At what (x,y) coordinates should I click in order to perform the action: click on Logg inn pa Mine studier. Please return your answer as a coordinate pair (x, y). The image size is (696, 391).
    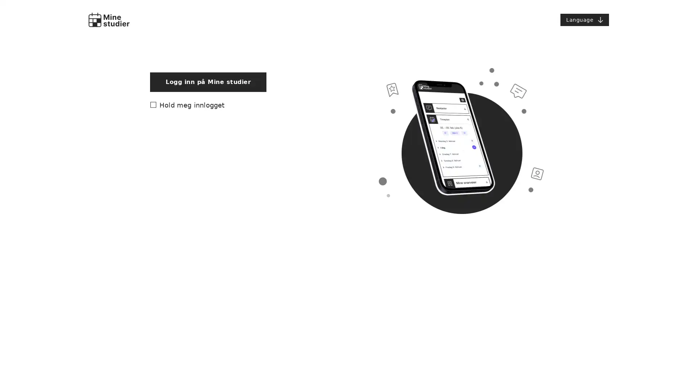
    Looking at the image, I should click on (208, 233).